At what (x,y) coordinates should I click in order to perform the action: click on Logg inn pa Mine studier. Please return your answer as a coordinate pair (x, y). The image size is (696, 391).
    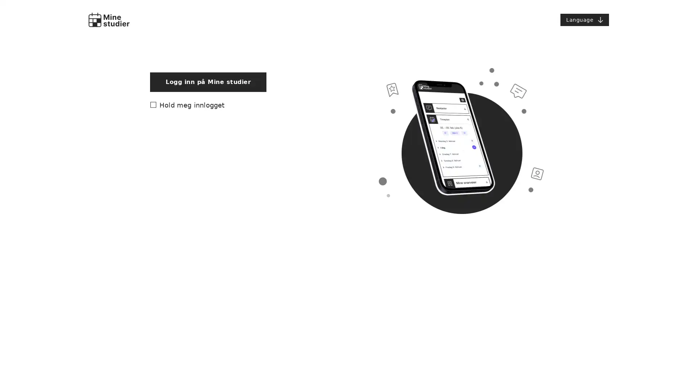
    Looking at the image, I should click on (208, 233).